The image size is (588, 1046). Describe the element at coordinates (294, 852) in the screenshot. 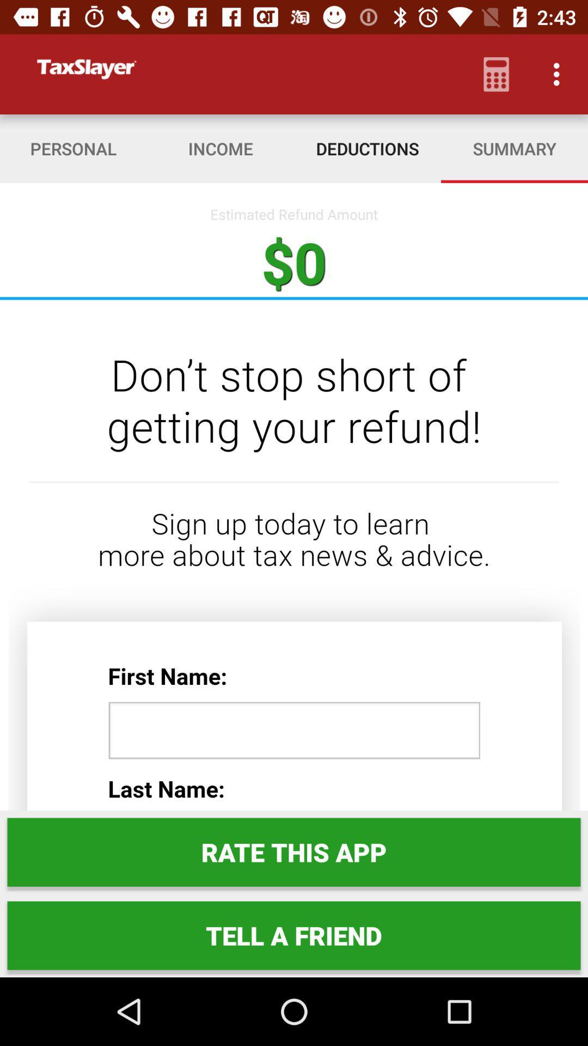

I see `icon above tell a friend item` at that location.